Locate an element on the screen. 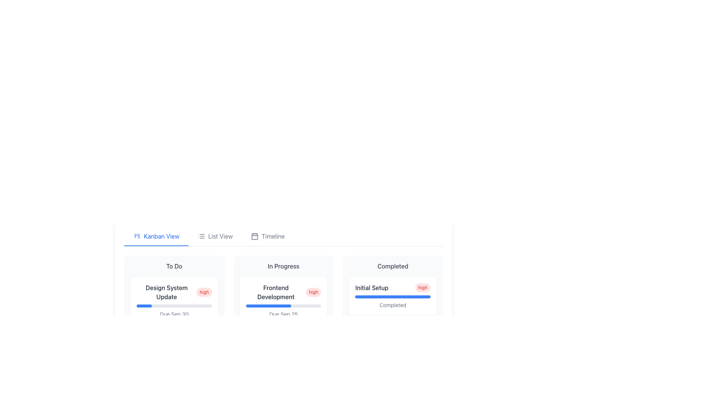 This screenshot has width=727, height=409. the first task card in the 'To Do' column of the kanban board, which displays task details, priority, progress status, and a due date is located at coordinates (174, 317).